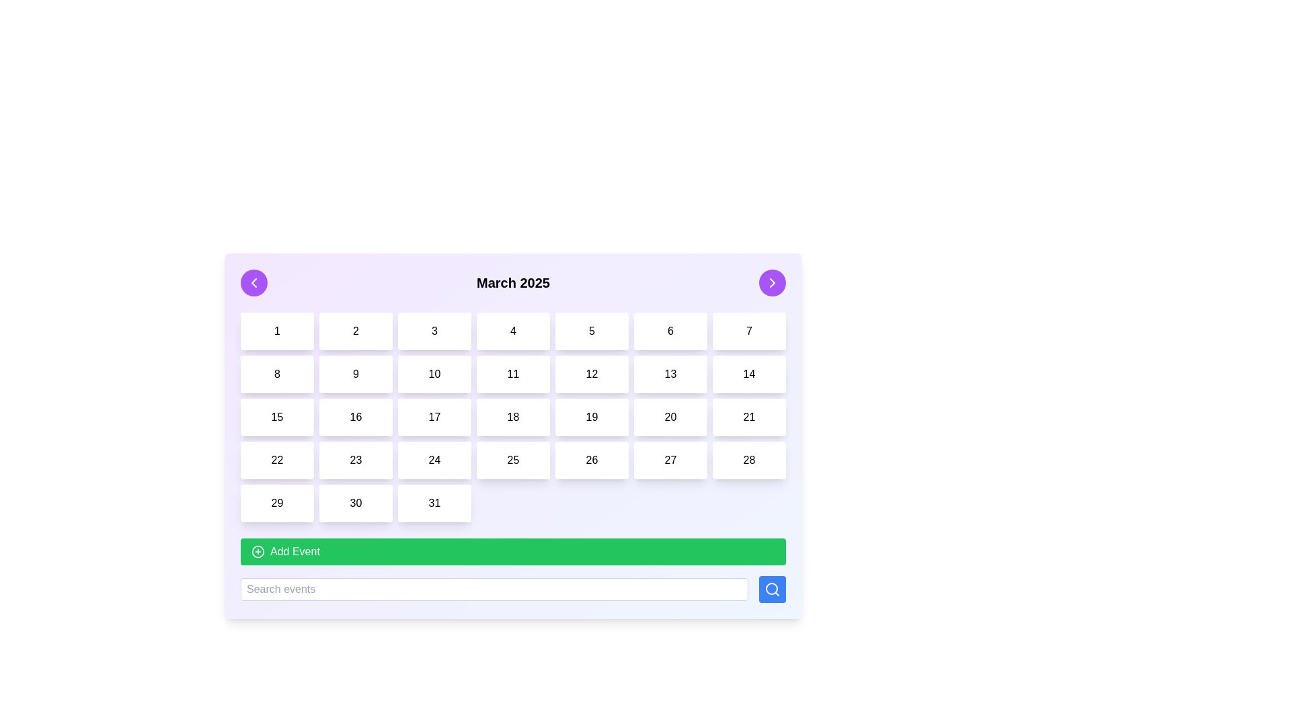  Describe the element at coordinates (512, 570) in the screenshot. I see `the 'Add Event' button, which is a green rectangular button with white text and a plus icon, located above the search input field and below the March 2025 calendar grid` at that location.